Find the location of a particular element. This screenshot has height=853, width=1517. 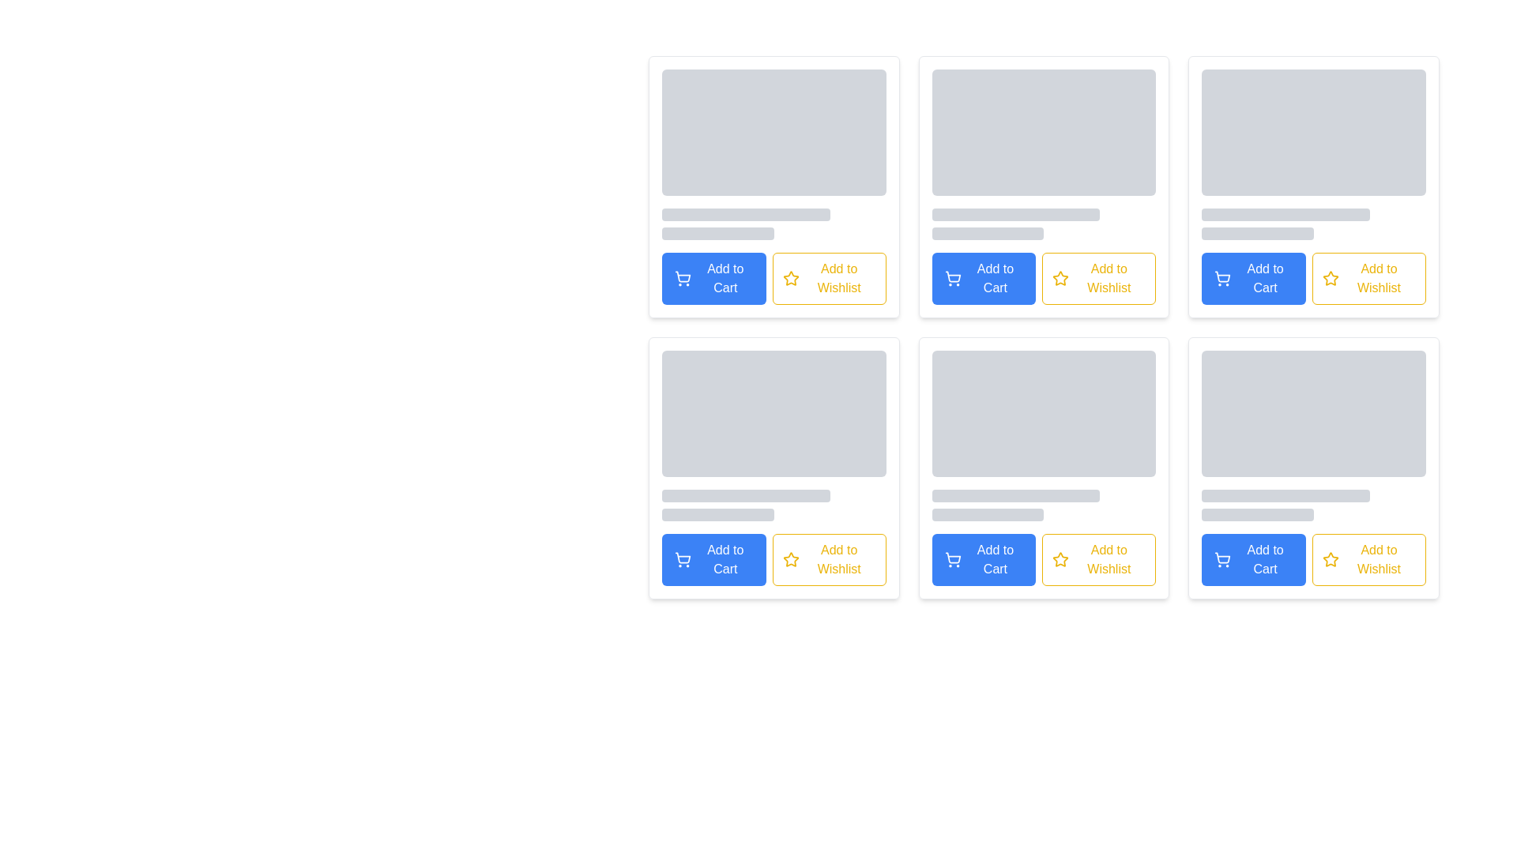

item description displayed on the product tile located in the second row and second column of the grid layout is located at coordinates (1044, 468).